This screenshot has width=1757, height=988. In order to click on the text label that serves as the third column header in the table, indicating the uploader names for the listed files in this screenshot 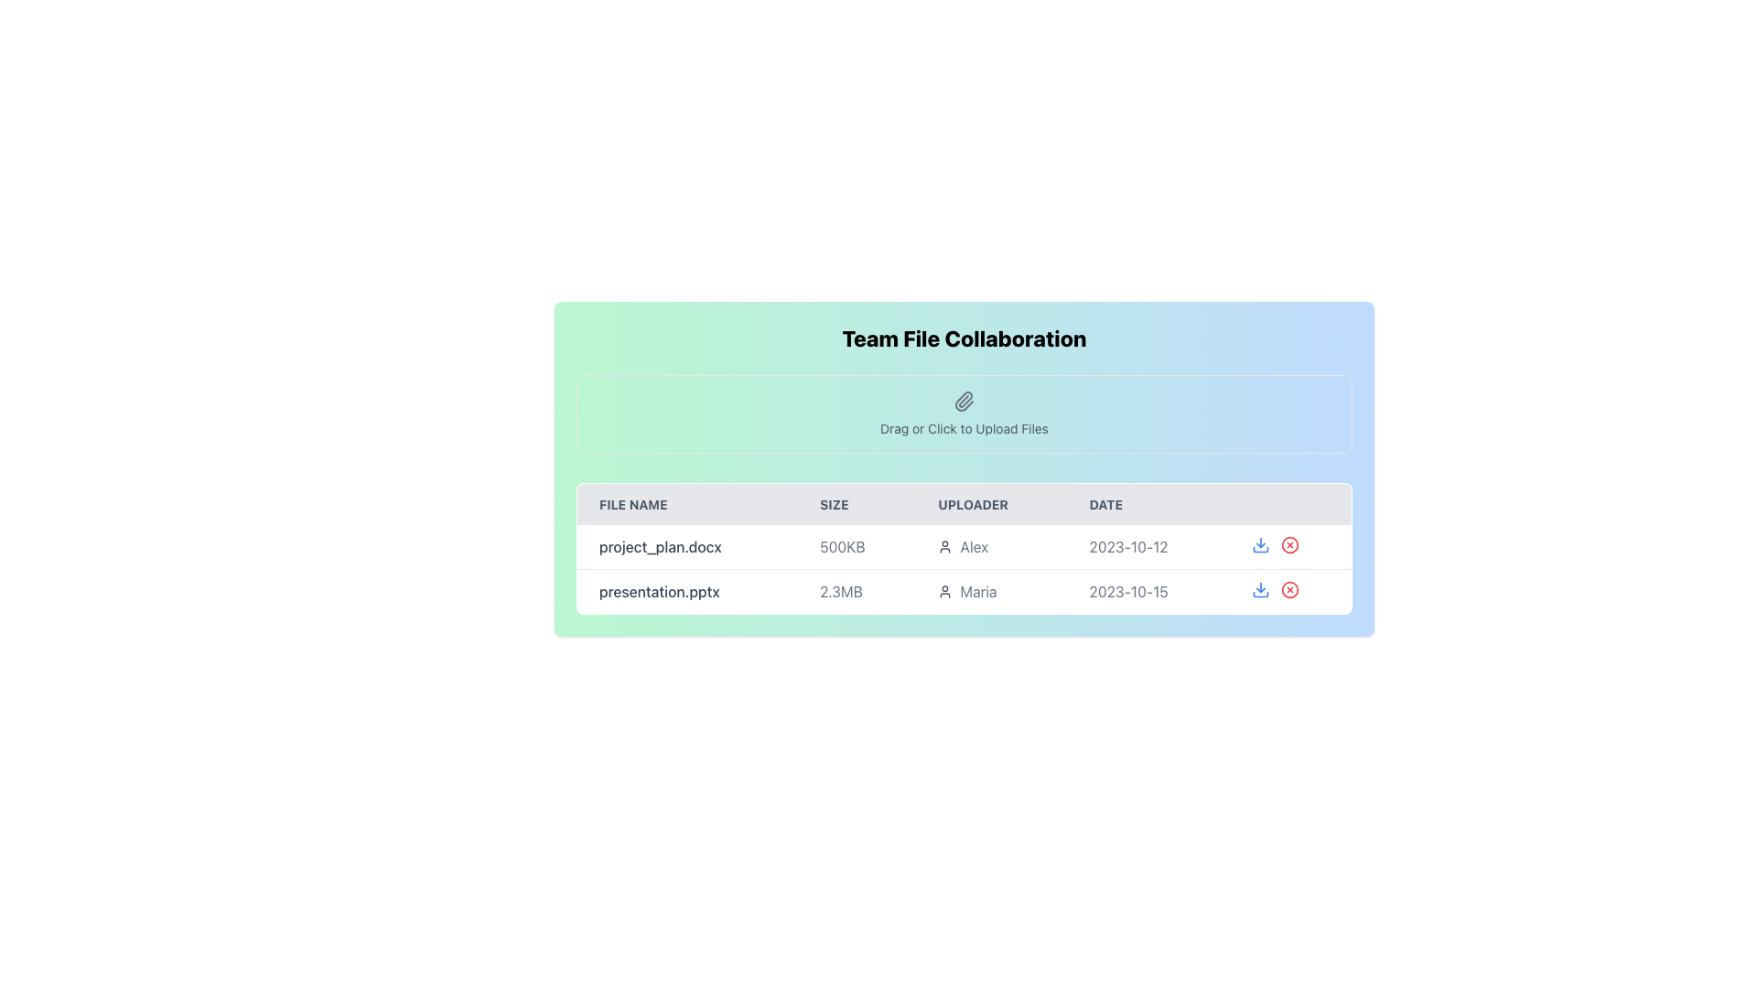, I will do `click(991, 504)`.